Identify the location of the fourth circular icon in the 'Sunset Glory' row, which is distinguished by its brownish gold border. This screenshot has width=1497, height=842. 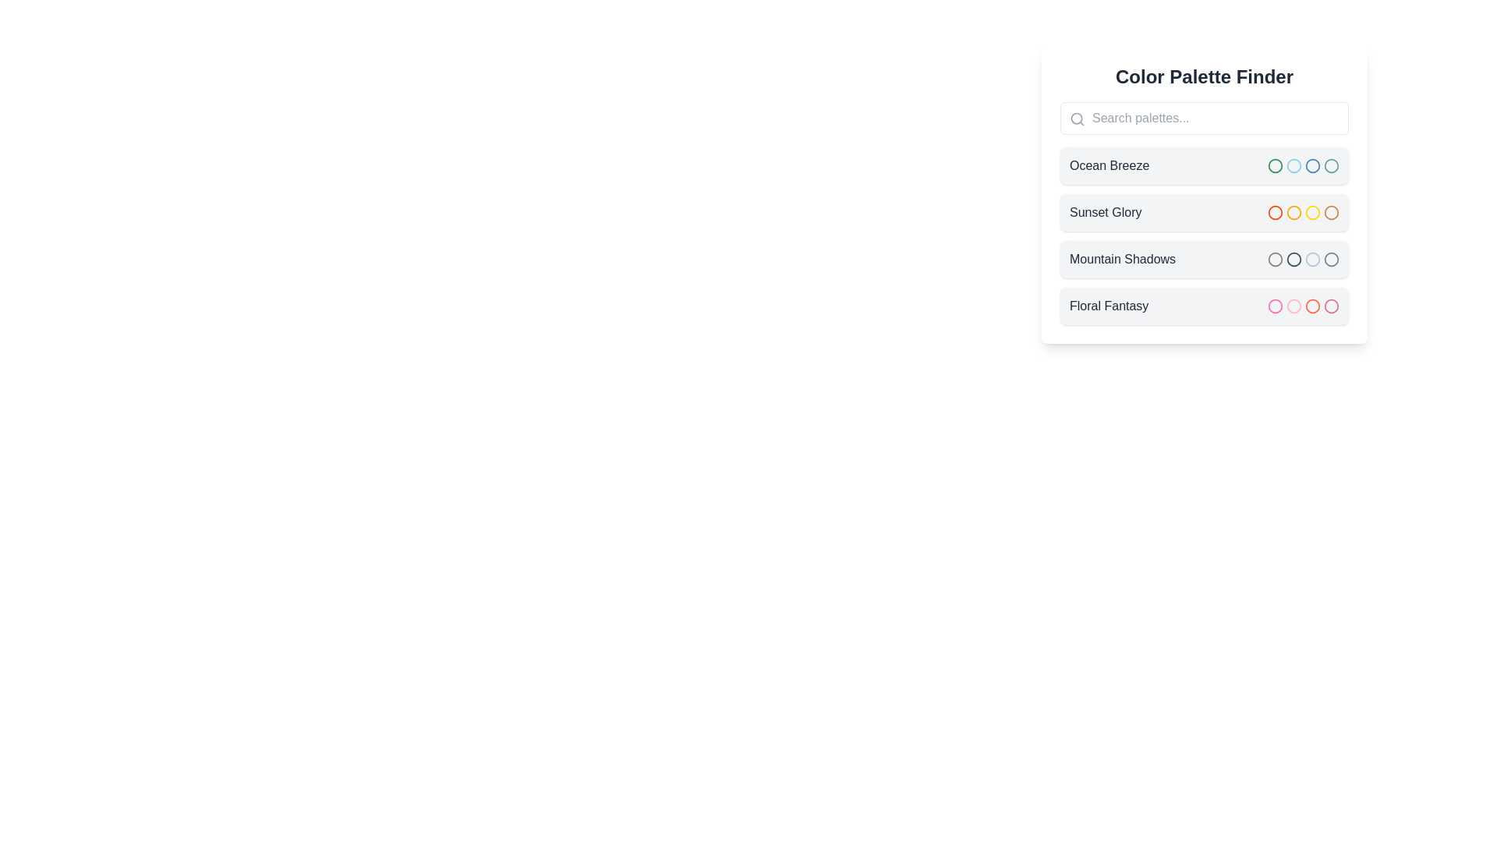
(1331, 213).